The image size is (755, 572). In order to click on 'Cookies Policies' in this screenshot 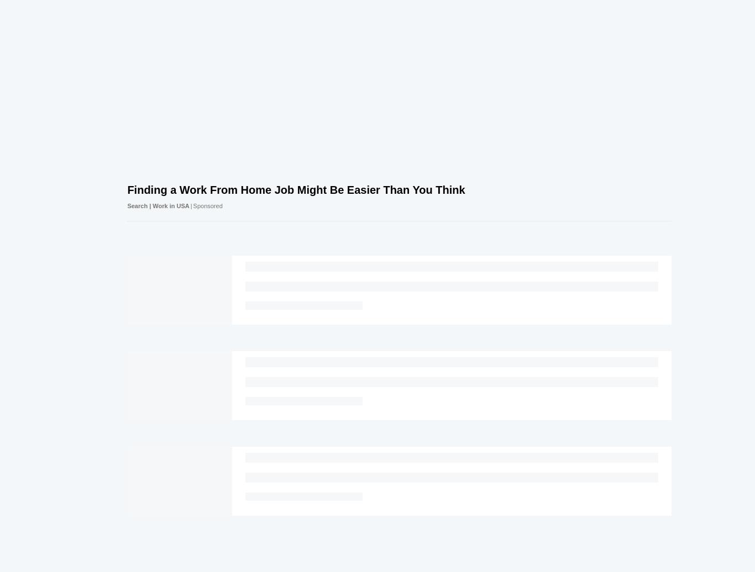, I will do `click(335, 558)`.